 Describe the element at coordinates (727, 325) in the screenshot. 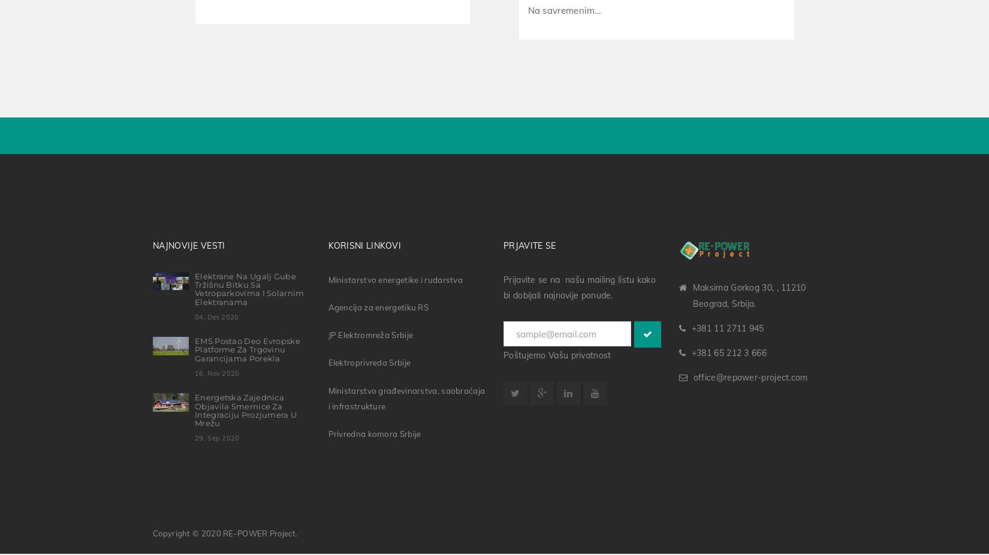

I see `'+381 11 2711 945'` at that location.